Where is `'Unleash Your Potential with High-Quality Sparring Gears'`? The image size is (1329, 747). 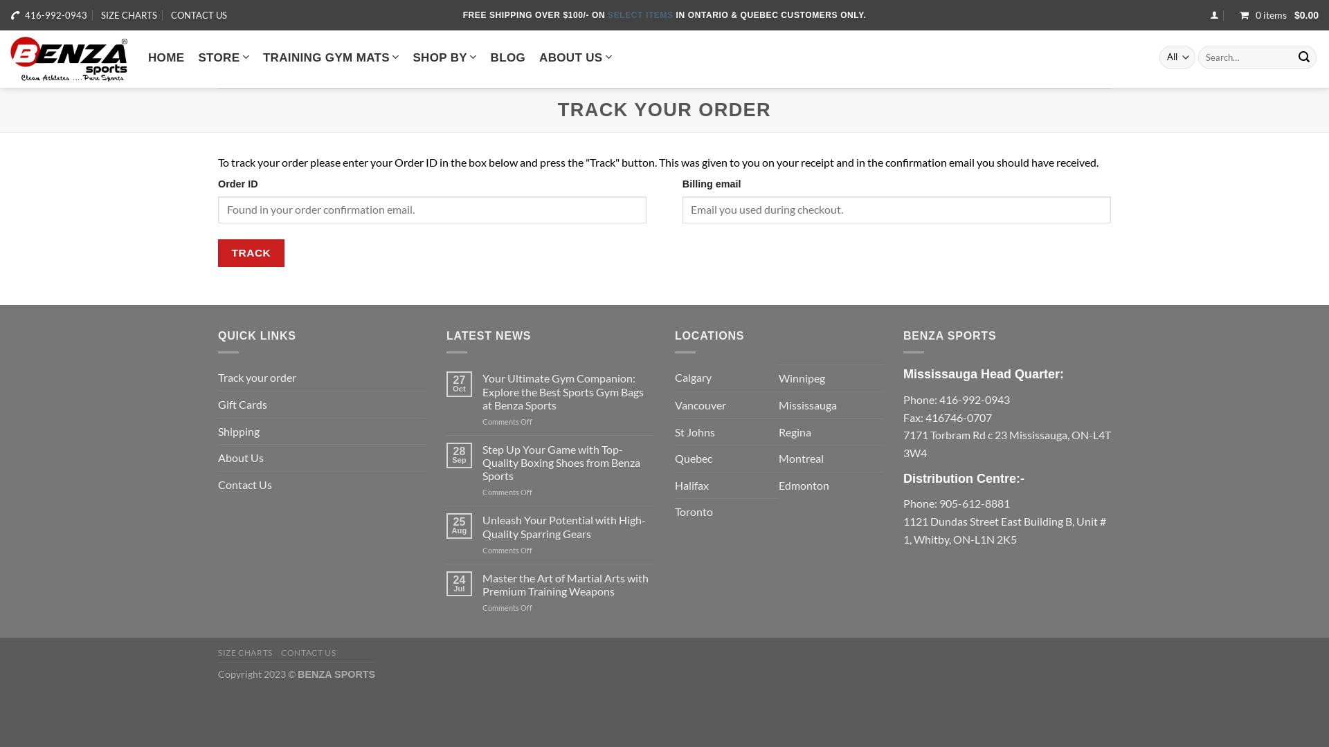
'Unleash Your Potential with High-Quality Sparring Gears' is located at coordinates (568, 526).